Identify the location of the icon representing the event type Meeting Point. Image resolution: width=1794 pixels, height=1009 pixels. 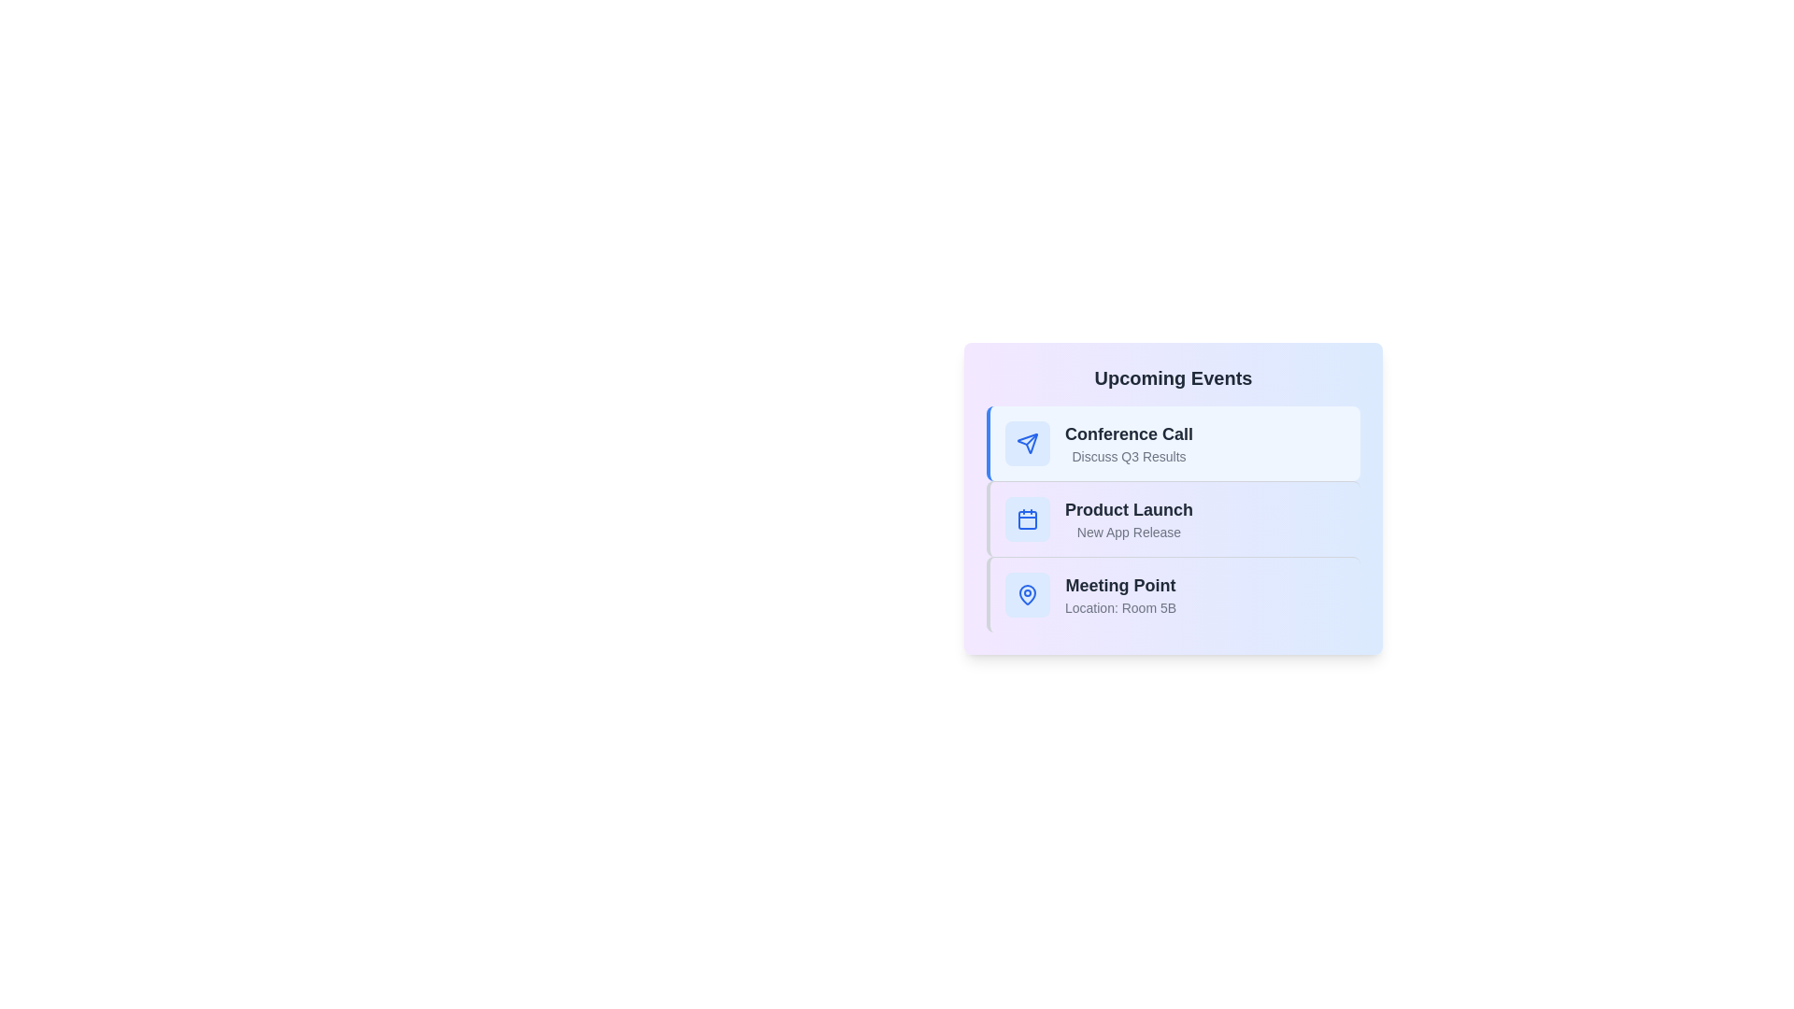
(1026, 594).